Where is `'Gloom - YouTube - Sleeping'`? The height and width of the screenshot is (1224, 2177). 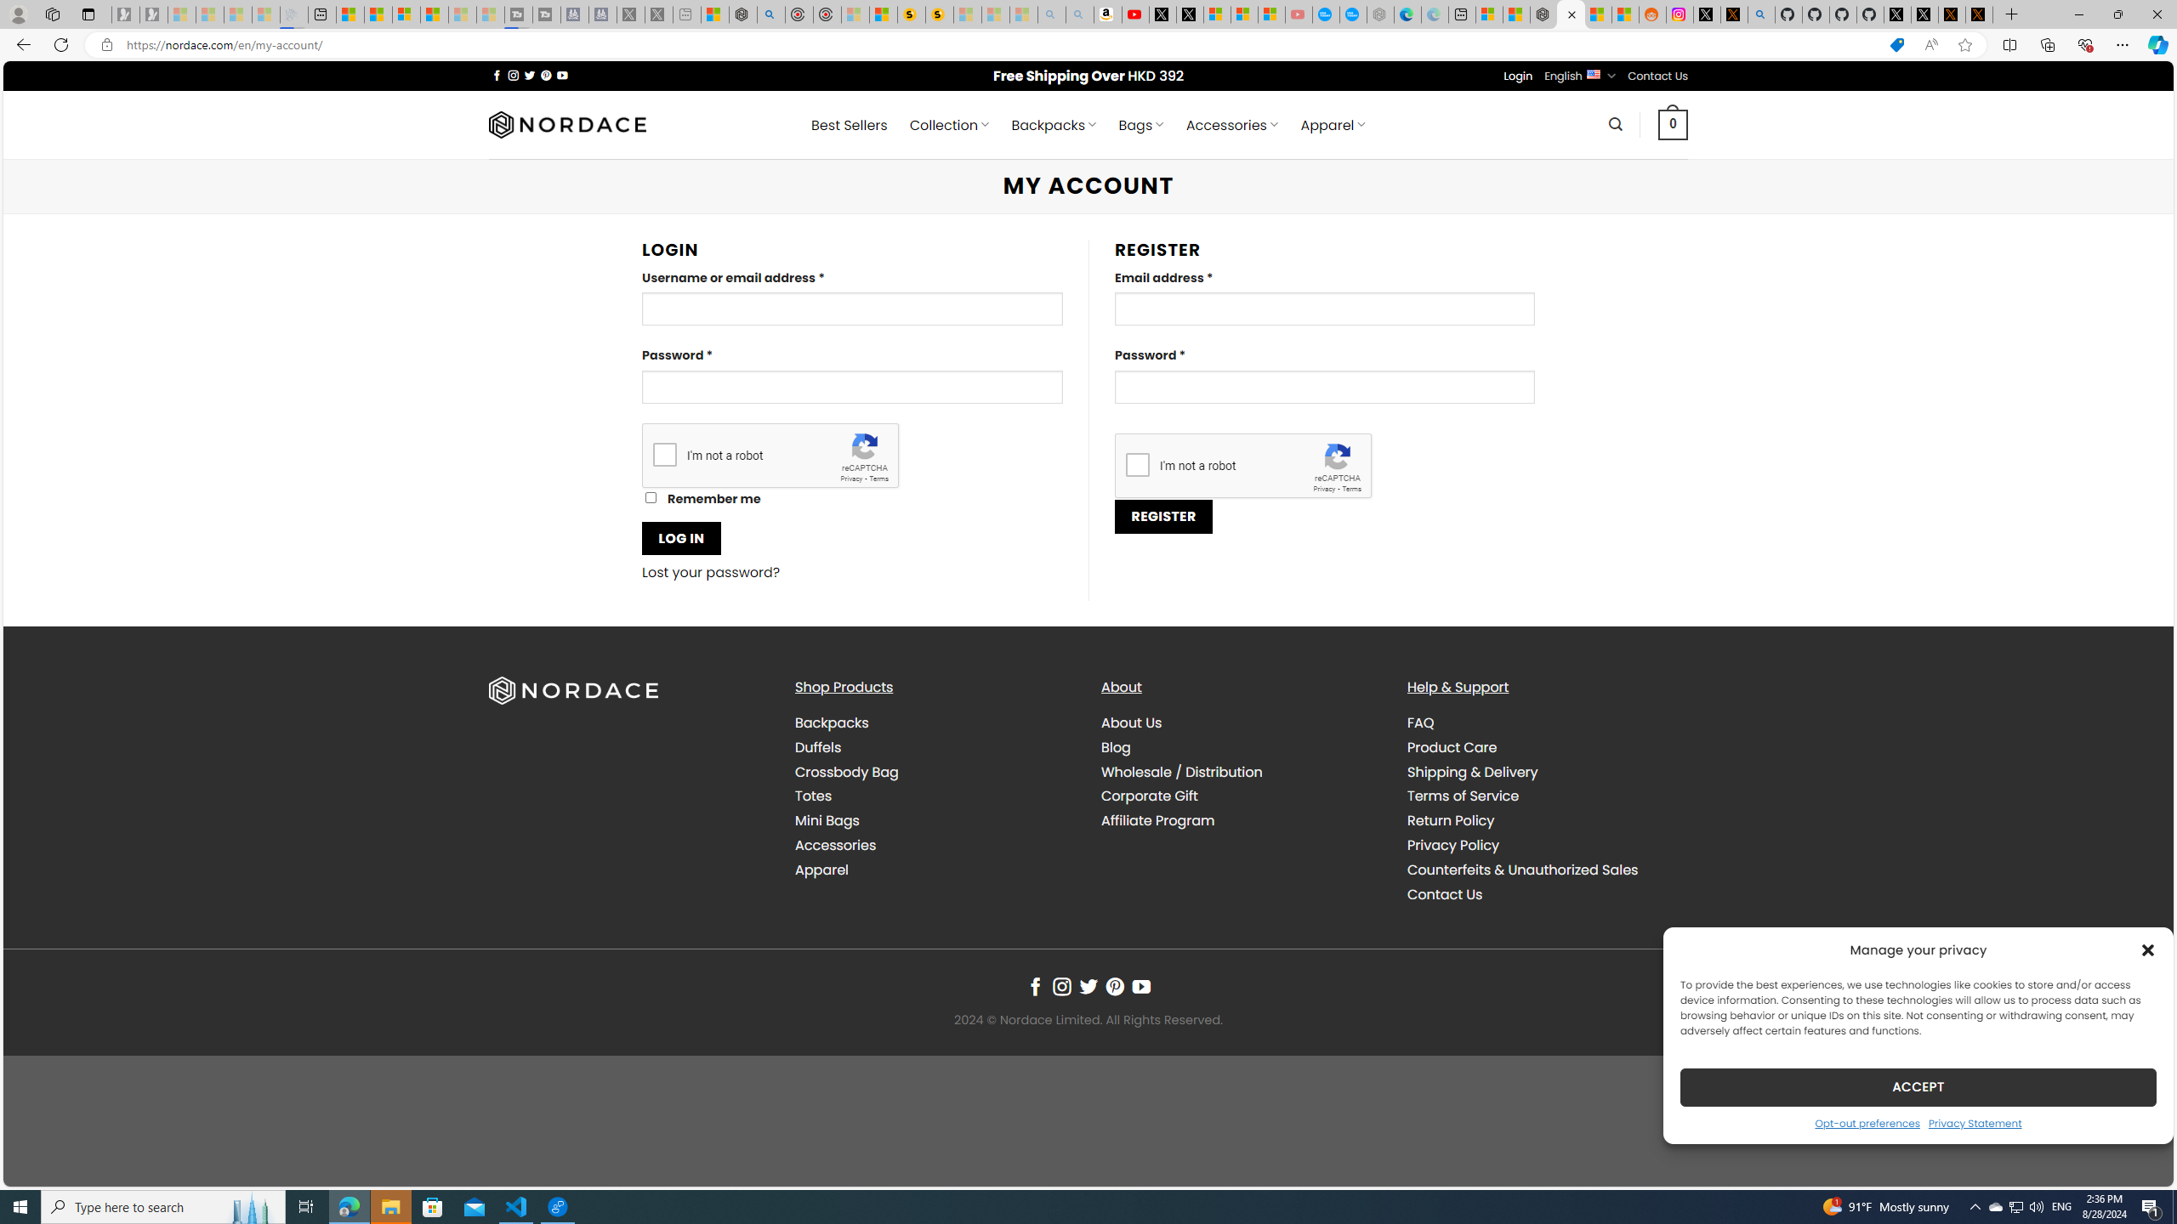
'Gloom - YouTube - Sleeping' is located at coordinates (1298, 14).